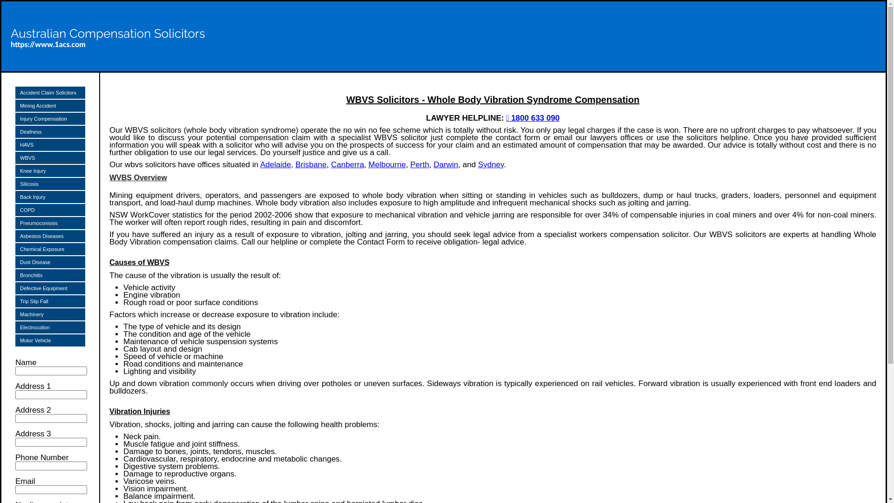  What do you see at coordinates (49, 105) in the screenshot?
I see `'Mining Accident'` at bounding box center [49, 105].